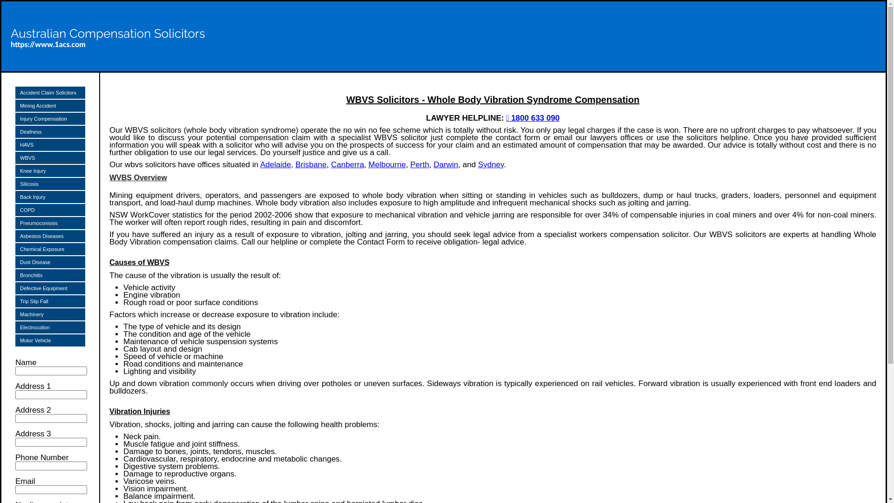  What do you see at coordinates (49, 105) in the screenshot?
I see `'Mining Accident'` at bounding box center [49, 105].